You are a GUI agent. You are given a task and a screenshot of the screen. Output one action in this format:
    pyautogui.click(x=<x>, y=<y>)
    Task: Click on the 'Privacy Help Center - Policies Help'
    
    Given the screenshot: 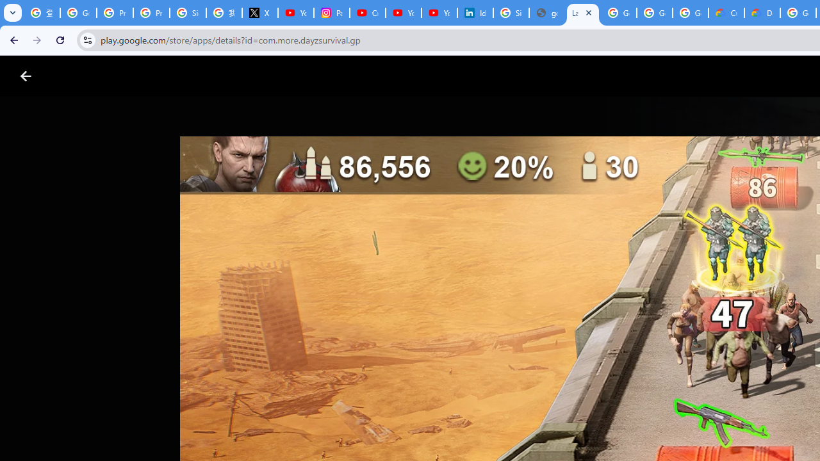 What is the action you would take?
    pyautogui.click(x=115, y=13)
    